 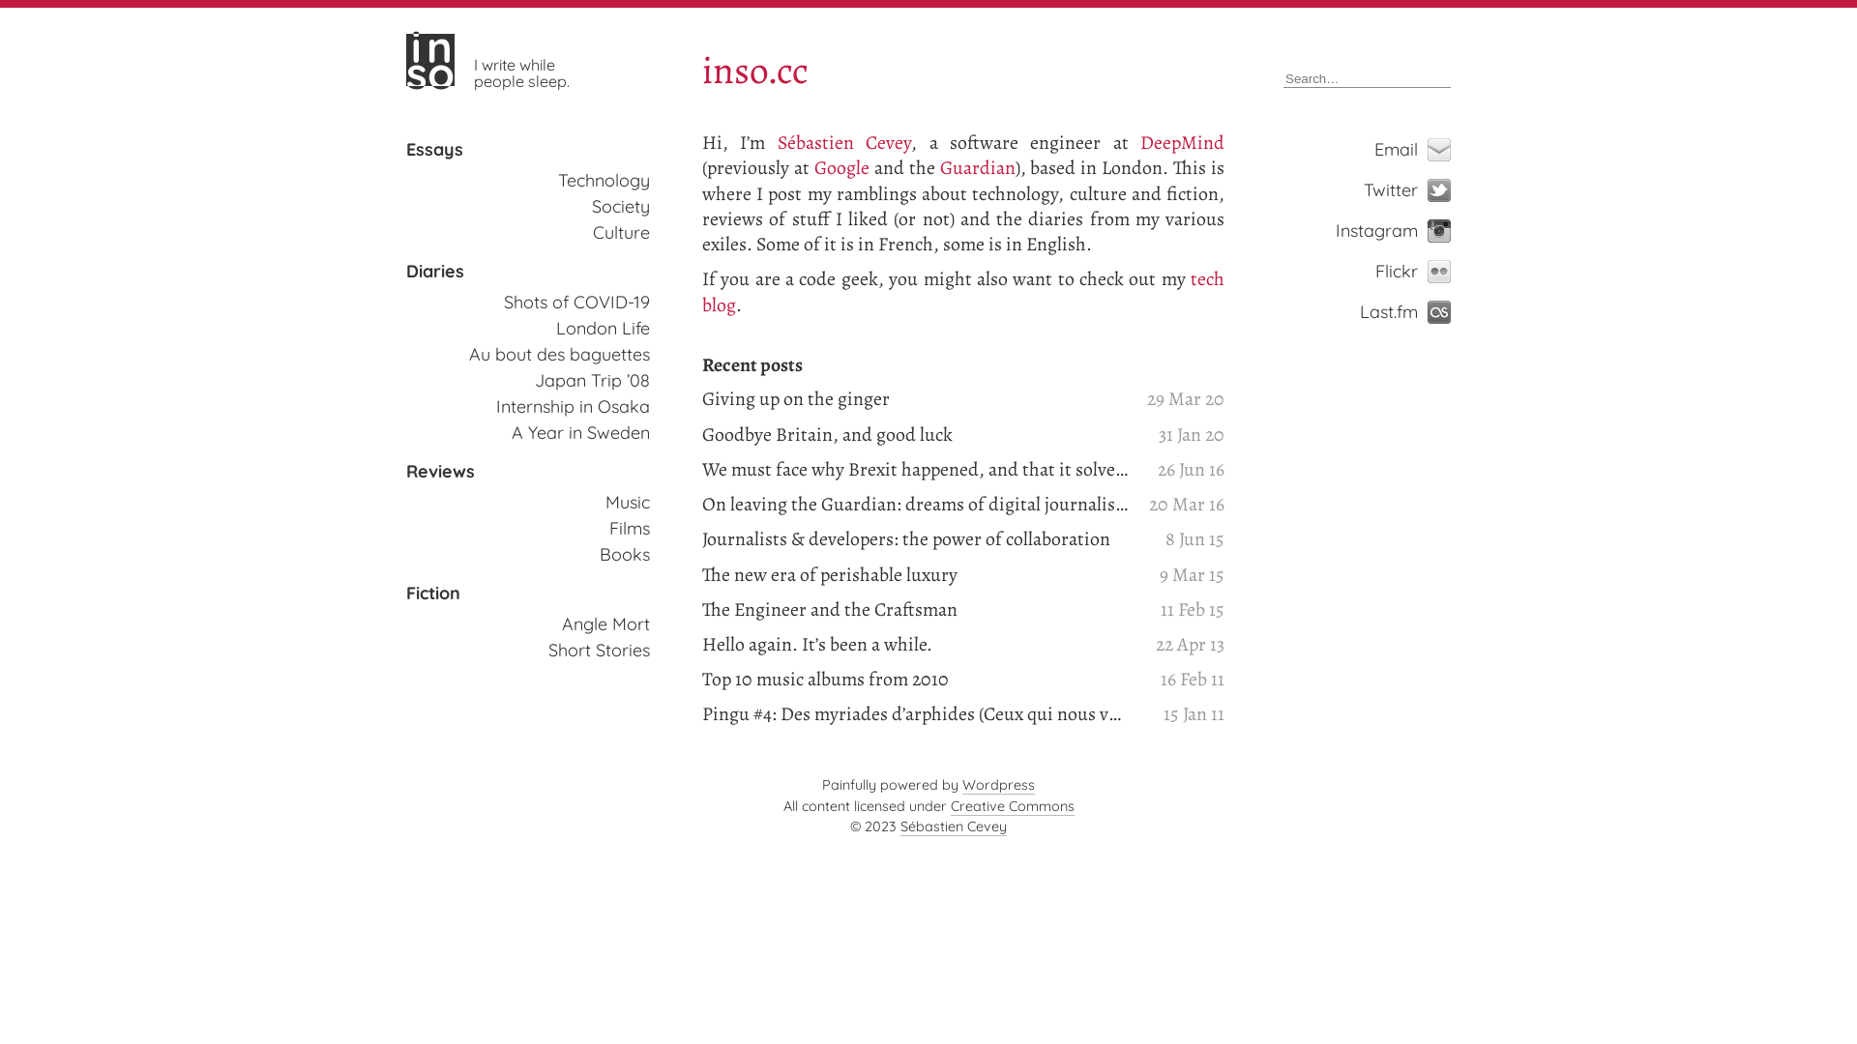 I want to click on 'A Year in Sweden', so click(x=511, y=431).